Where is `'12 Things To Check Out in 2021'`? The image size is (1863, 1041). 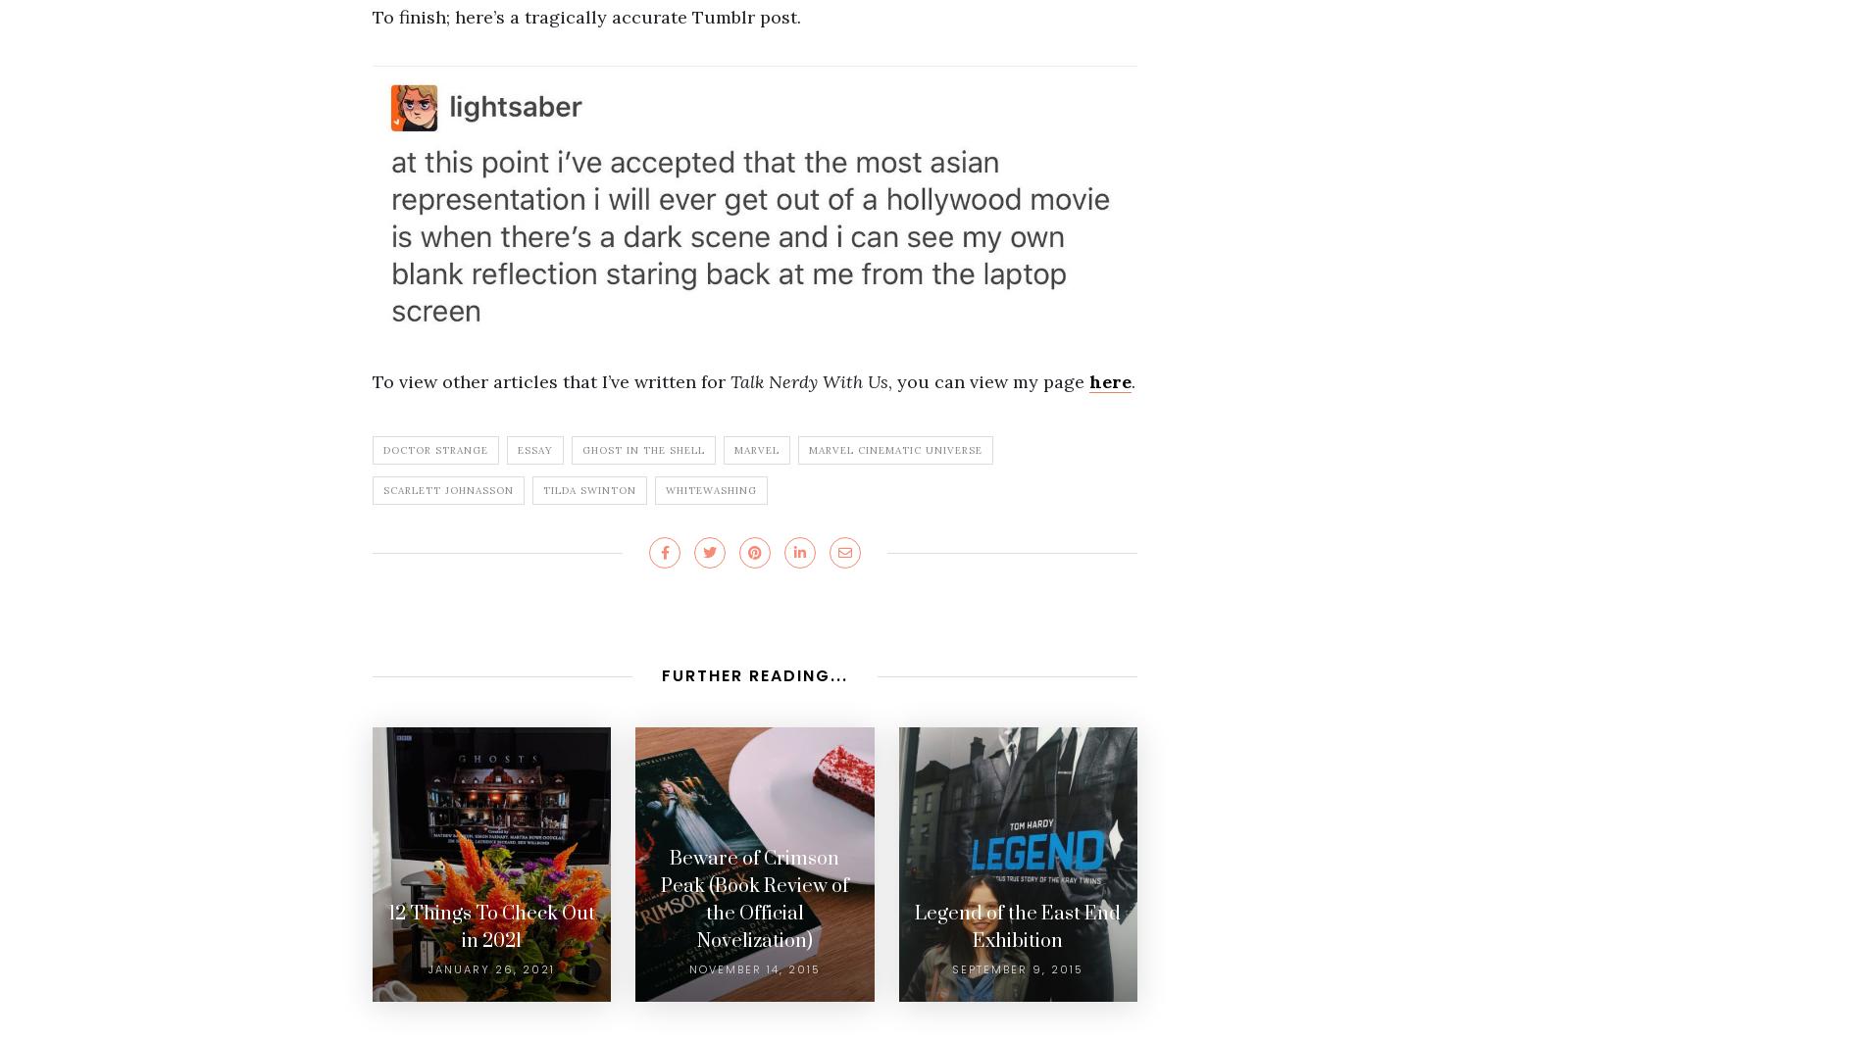 '12 Things To Check Out in 2021' is located at coordinates (491, 926).